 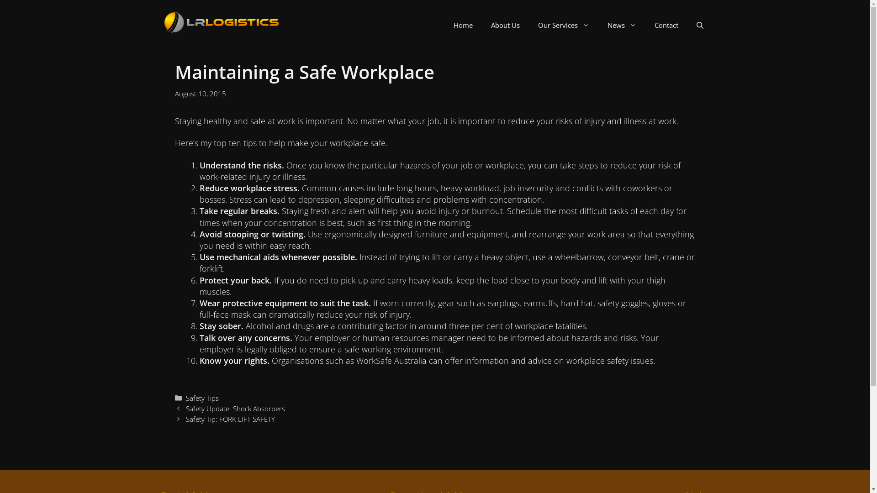 What do you see at coordinates (621, 24) in the screenshot?
I see `'News'` at bounding box center [621, 24].